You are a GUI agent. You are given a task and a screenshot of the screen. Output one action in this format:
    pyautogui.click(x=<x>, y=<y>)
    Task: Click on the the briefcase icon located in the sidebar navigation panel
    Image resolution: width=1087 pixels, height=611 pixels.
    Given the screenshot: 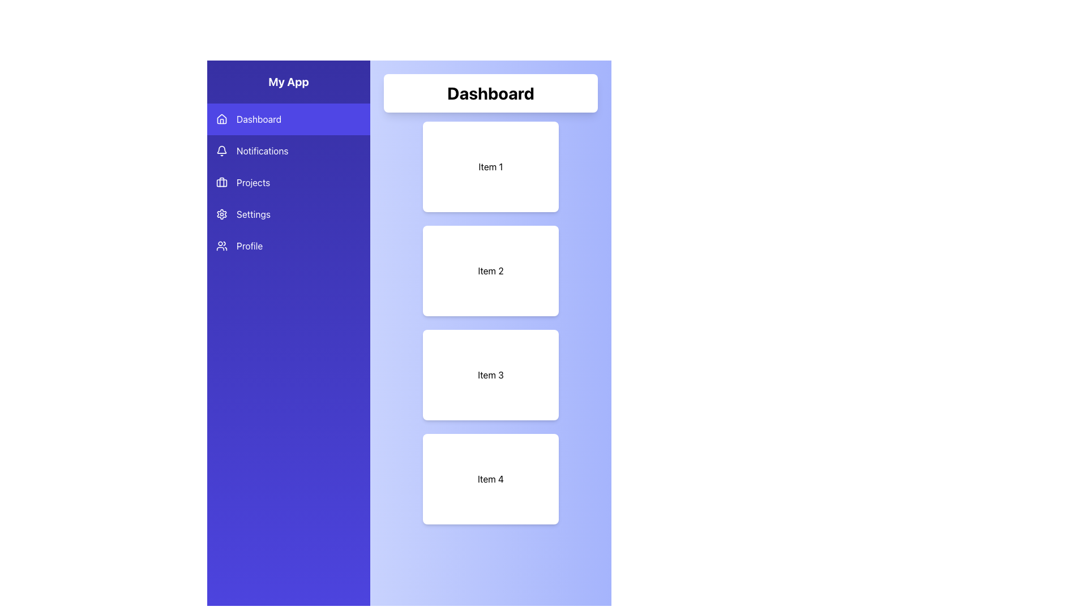 What is the action you would take?
    pyautogui.click(x=222, y=182)
    